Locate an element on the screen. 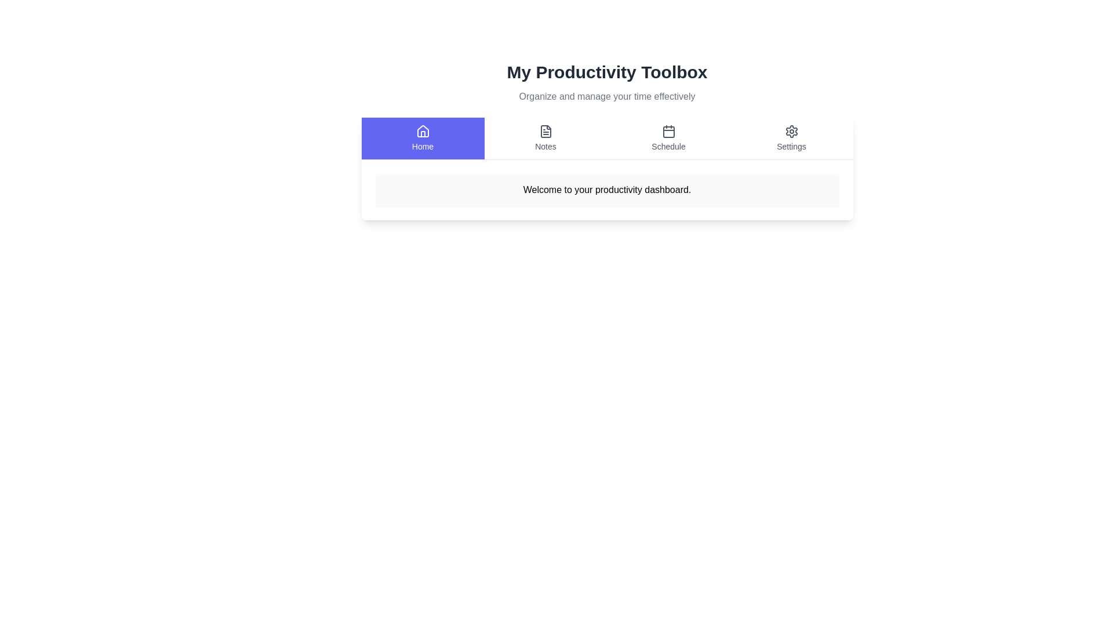 The width and height of the screenshot is (1113, 626). welcoming message from the informational box located centrally below the header section of the interface is located at coordinates (606, 189).